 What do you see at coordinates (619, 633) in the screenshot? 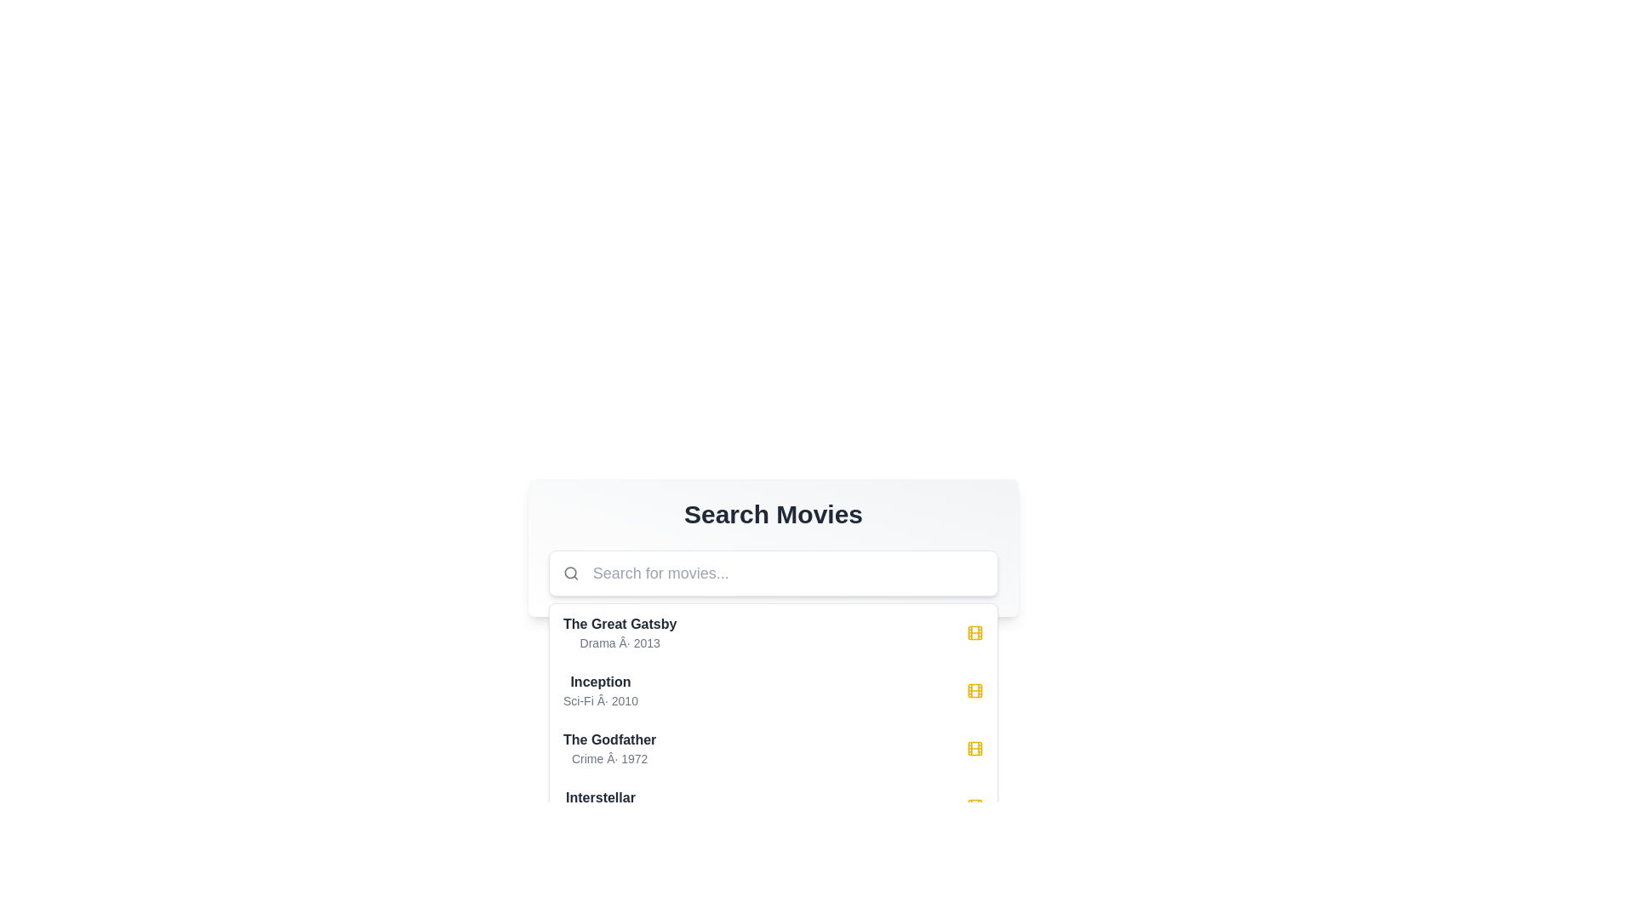
I see `the first list item representing the movie 'The Great Gatsby' in the vertical movie list within the white card interface` at bounding box center [619, 633].